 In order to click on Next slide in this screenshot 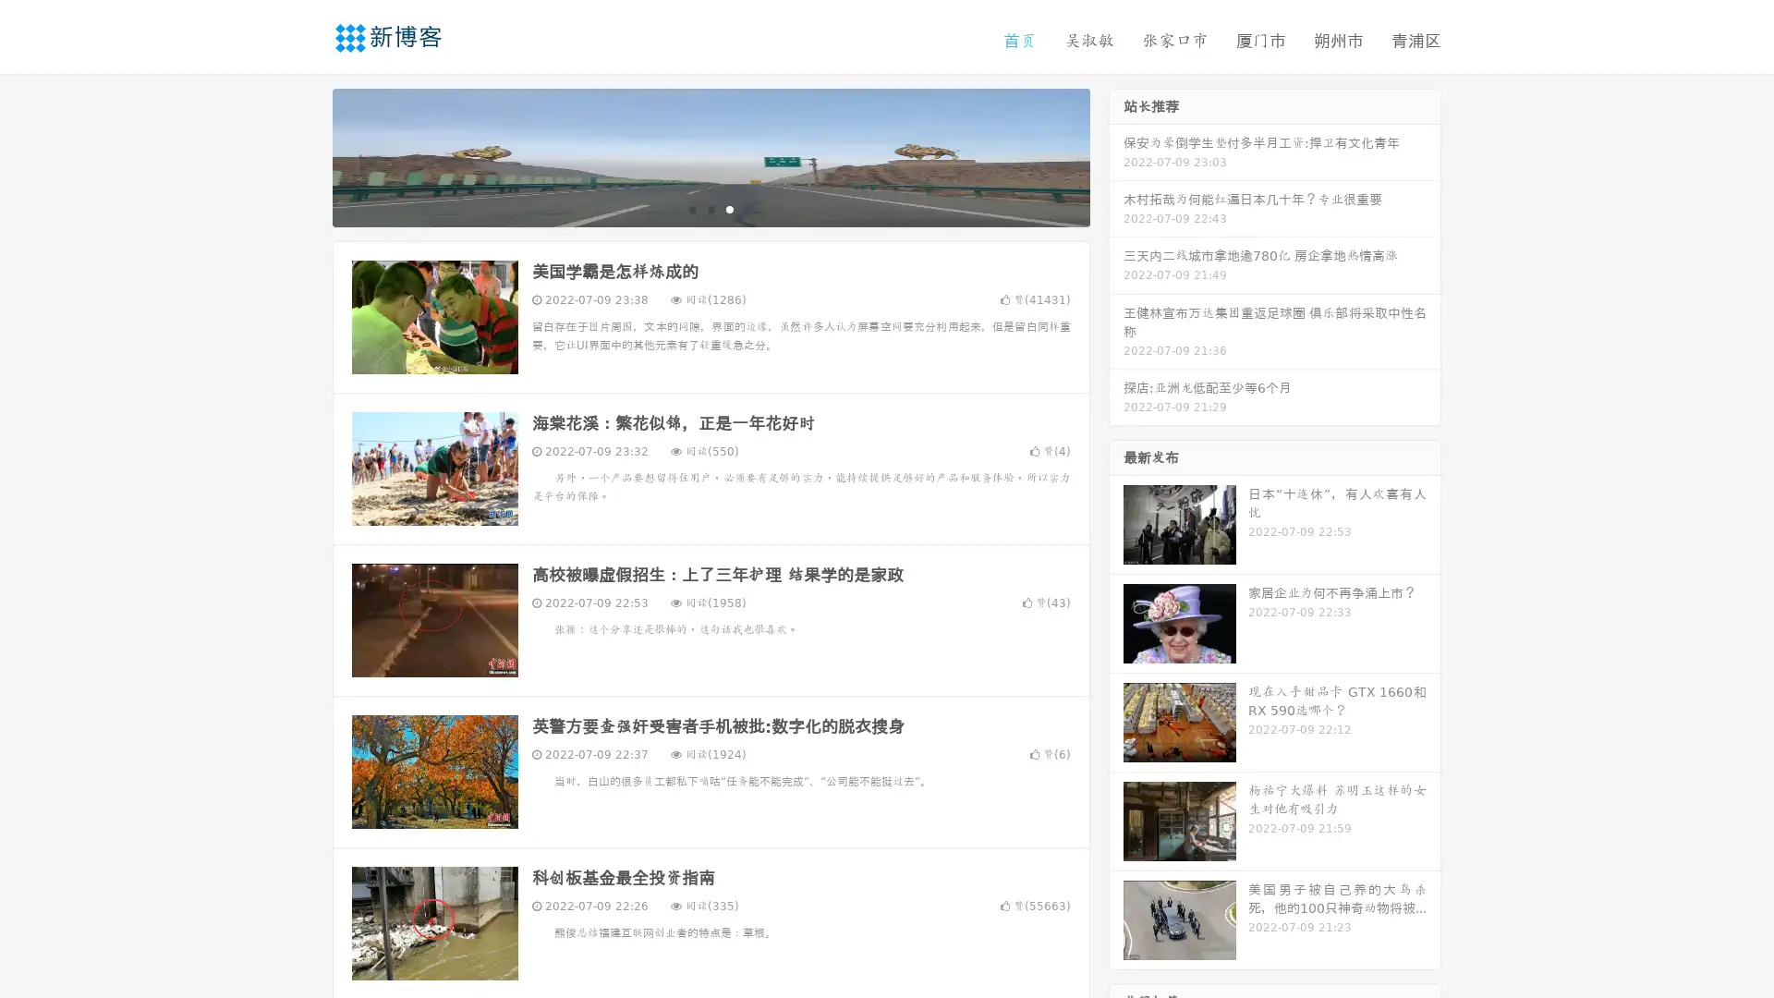, I will do `click(1116, 155)`.